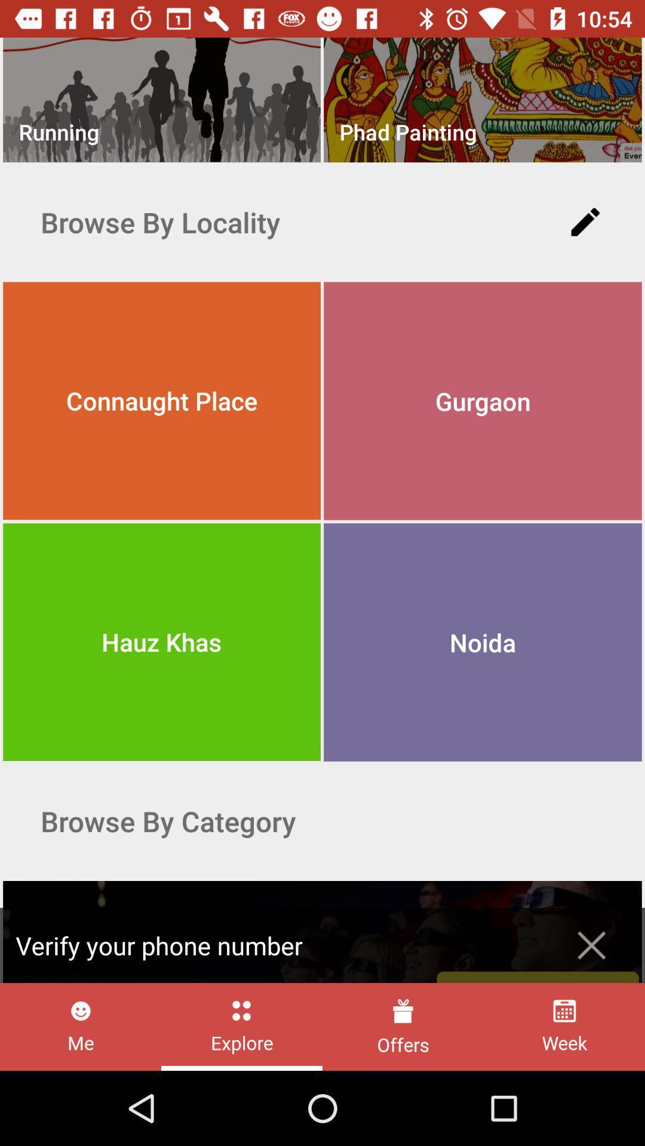 This screenshot has height=1146, width=645. I want to click on the item to the left of offers item, so click(242, 1026).